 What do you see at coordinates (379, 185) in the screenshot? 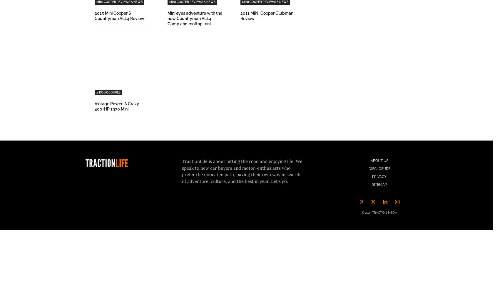
I see `'Sitemap'` at bounding box center [379, 185].